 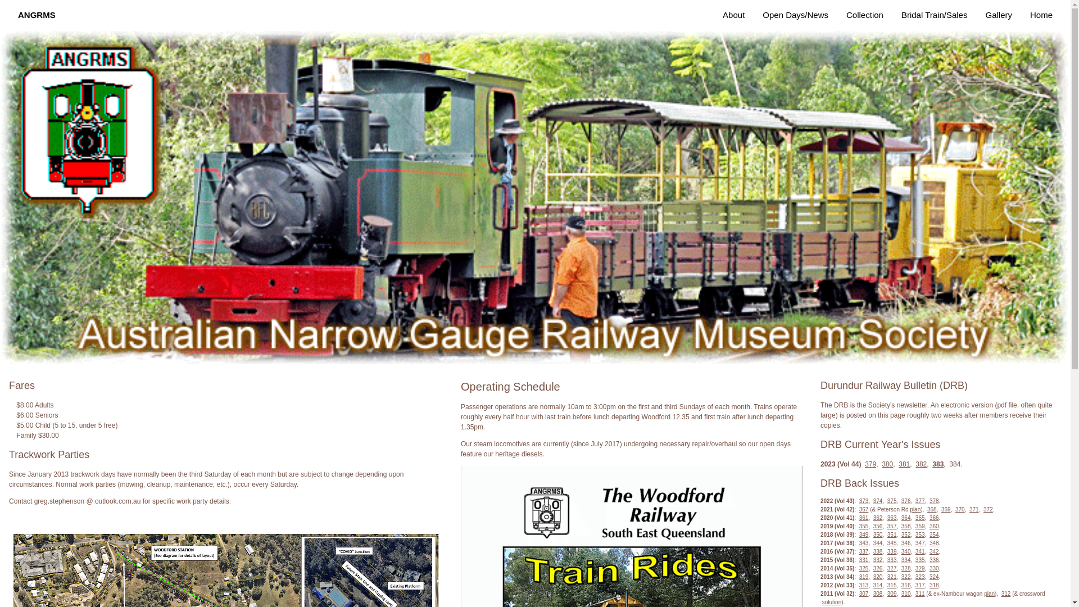 What do you see at coordinates (891, 593) in the screenshot?
I see `'309'` at bounding box center [891, 593].